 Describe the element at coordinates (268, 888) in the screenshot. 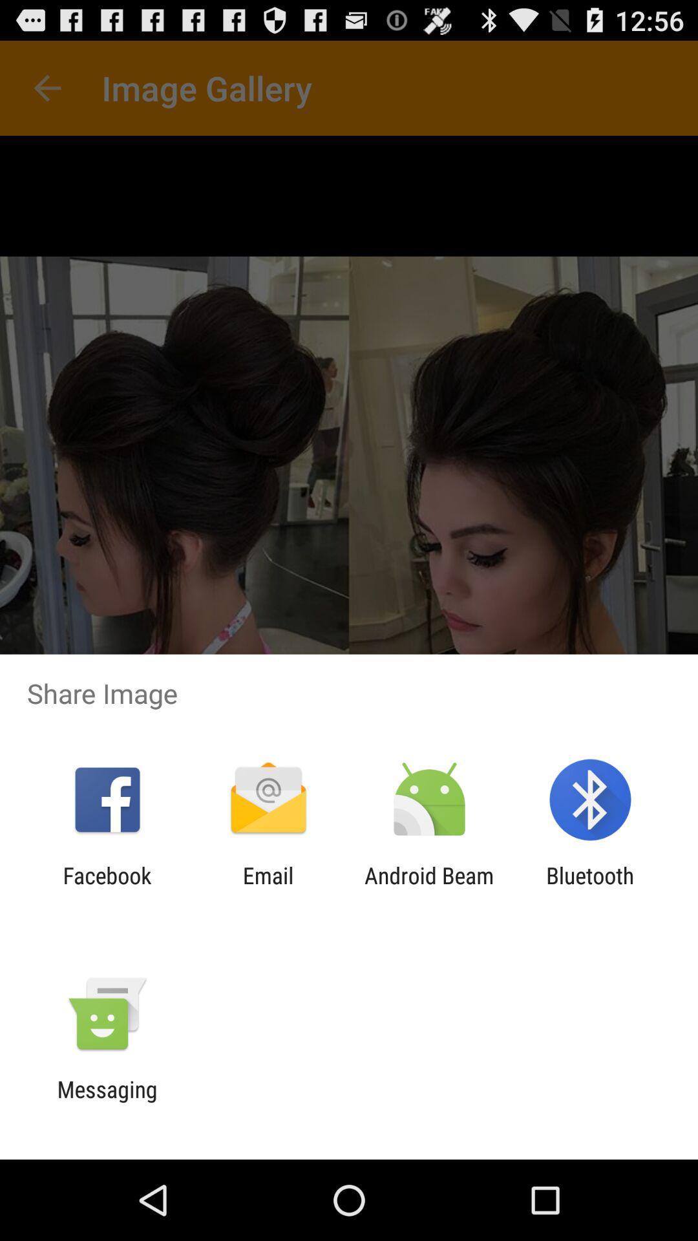

I see `the icon to the left of android beam app` at that location.